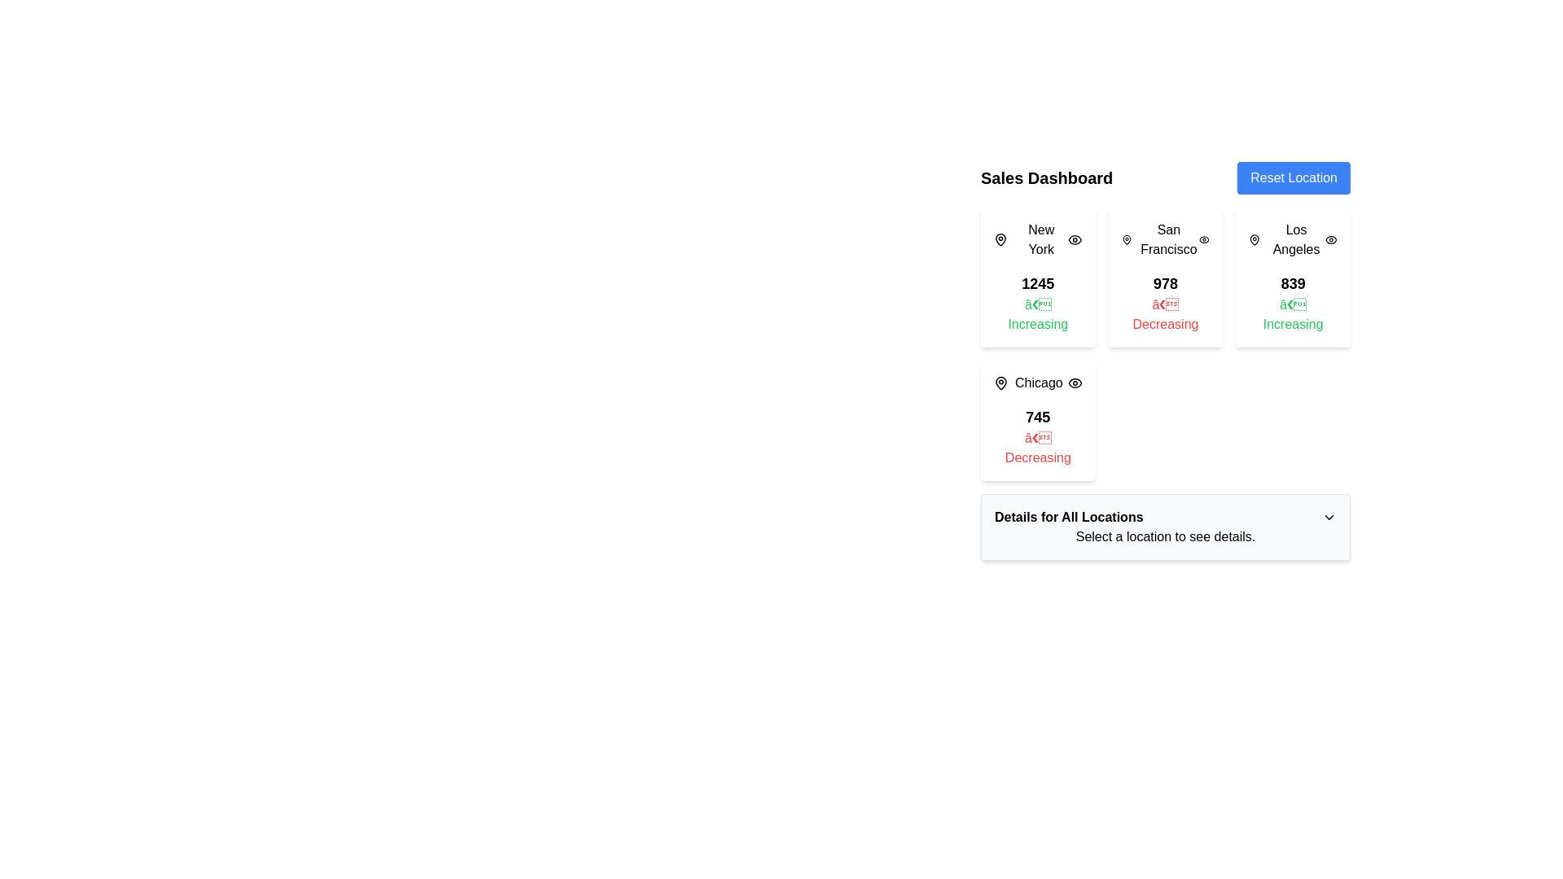 This screenshot has width=1563, height=879. I want to click on the eye-shaped icon located at the top-right corner of the 'San Francisco' card, which is outlined in black and represents the 'view' symbol, so click(1204, 239).